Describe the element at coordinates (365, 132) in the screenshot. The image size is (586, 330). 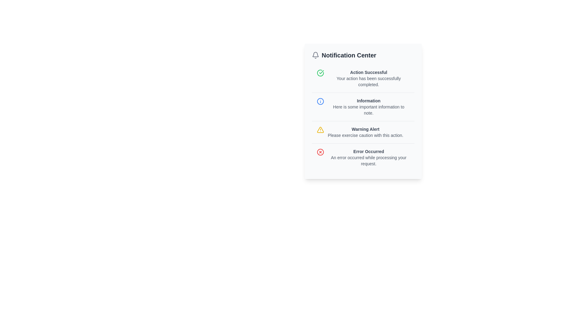
I see `information from the 'Warning Alert' text block, which is the third item in the vertical list within the 'Notification Center' panel, located centrally beneath the 'Information' notification and above the 'Error Occurred' notification` at that location.